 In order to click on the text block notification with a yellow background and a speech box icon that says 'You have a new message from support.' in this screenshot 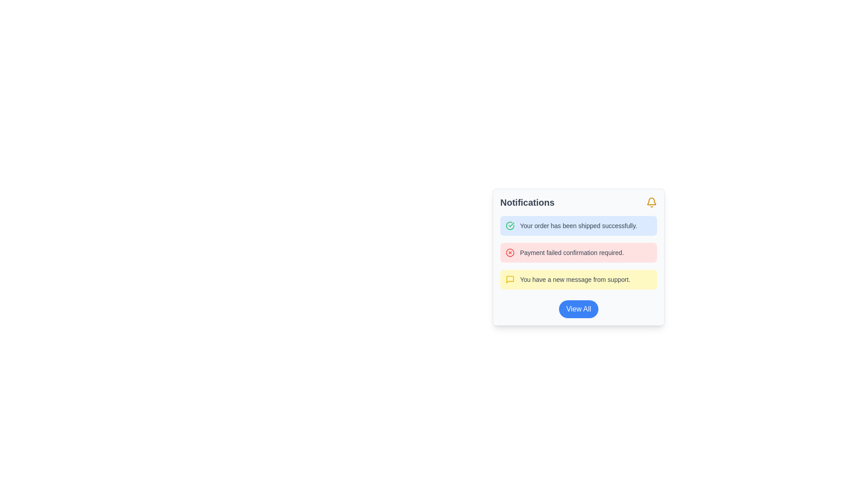, I will do `click(578, 279)`.